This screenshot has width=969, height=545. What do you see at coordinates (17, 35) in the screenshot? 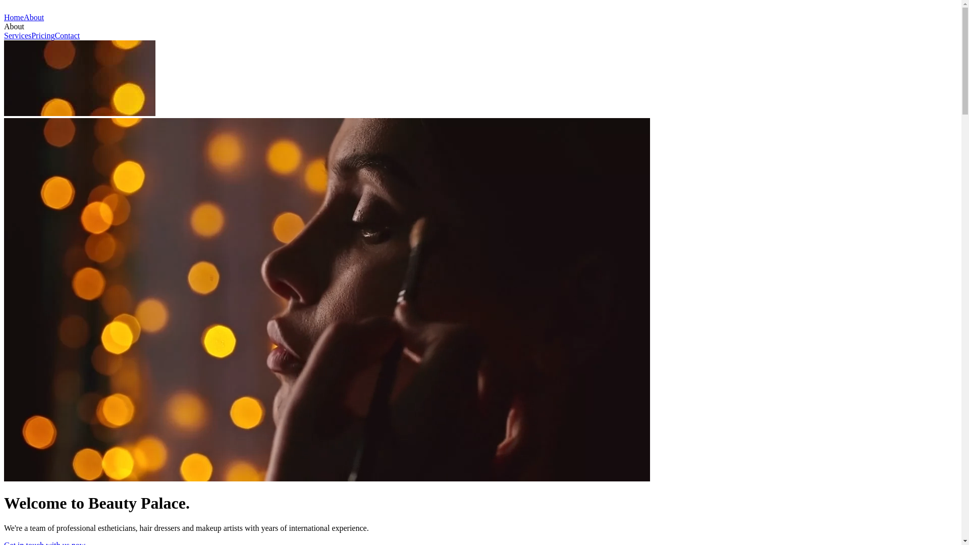
I see `'Services'` at bounding box center [17, 35].